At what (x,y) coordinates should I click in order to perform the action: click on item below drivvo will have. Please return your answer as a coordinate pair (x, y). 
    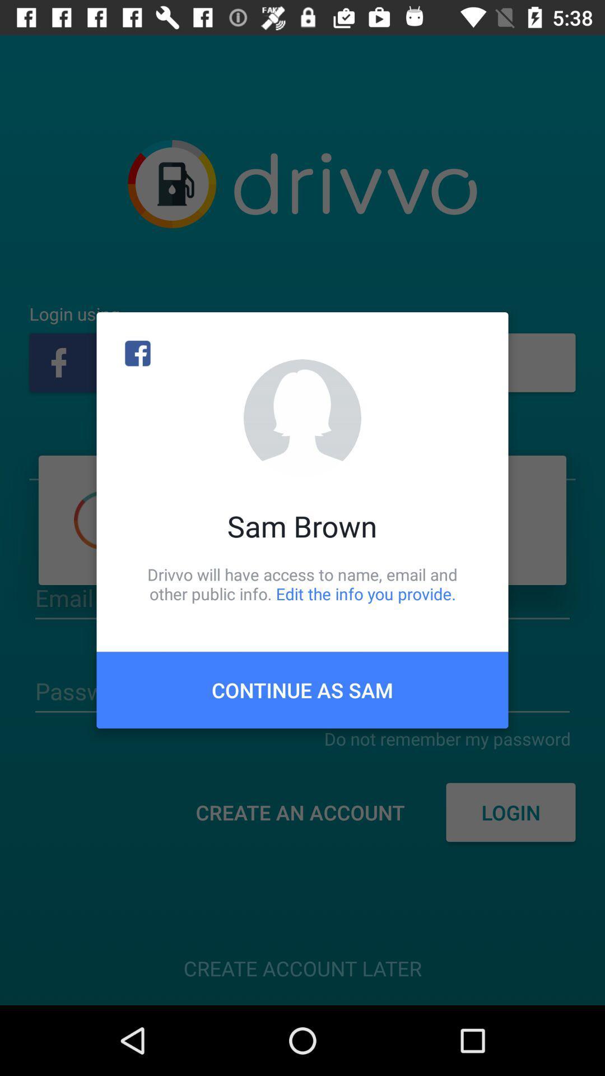
    Looking at the image, I should click on (302, 689).